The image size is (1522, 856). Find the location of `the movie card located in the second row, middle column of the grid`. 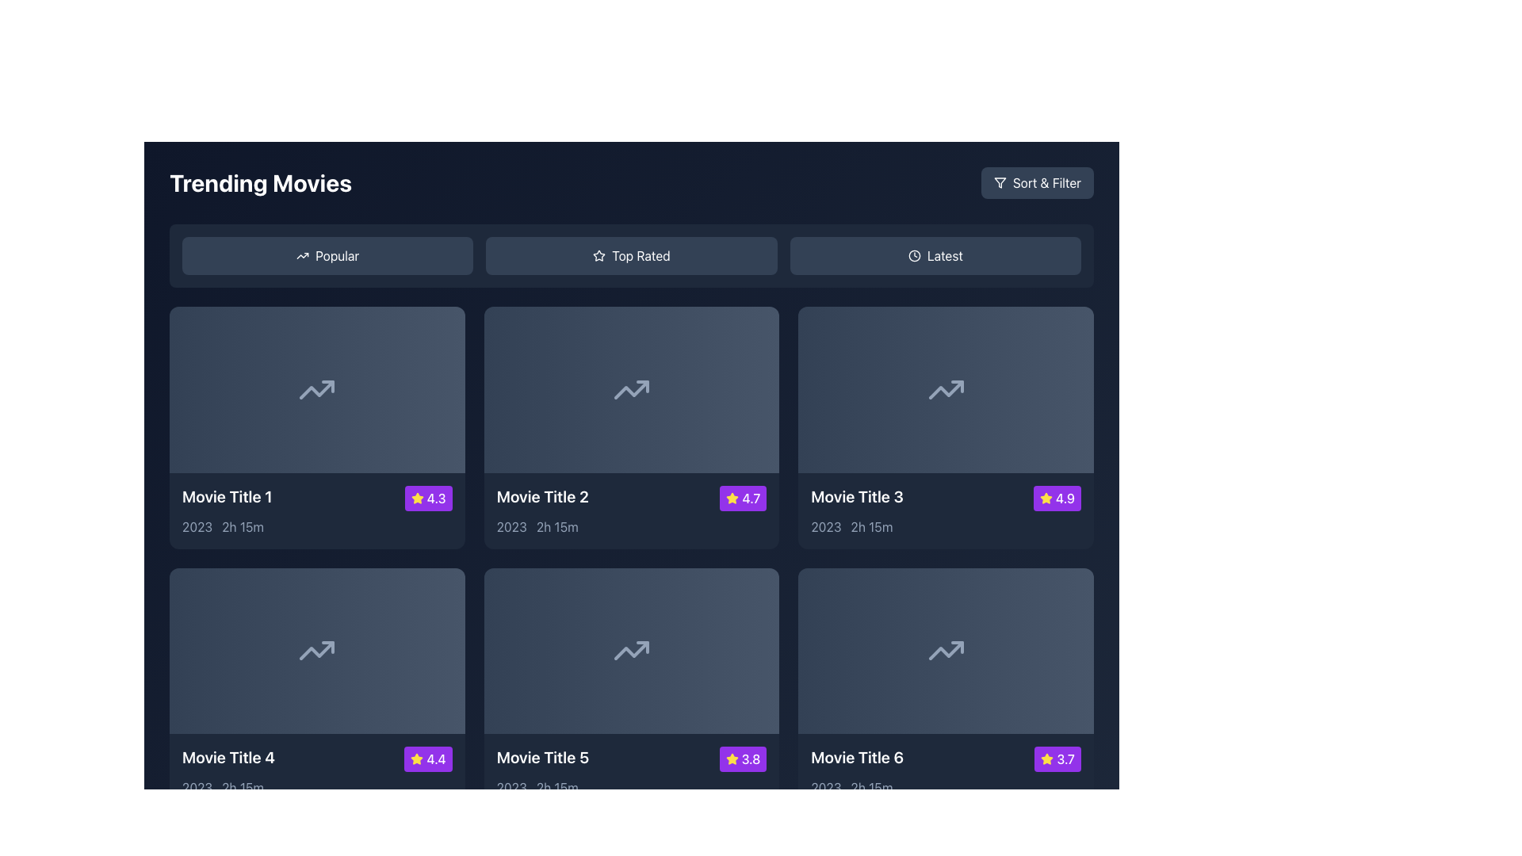

the movie card located in the second row, middle column of the grid is located at coordinates (630, 688).